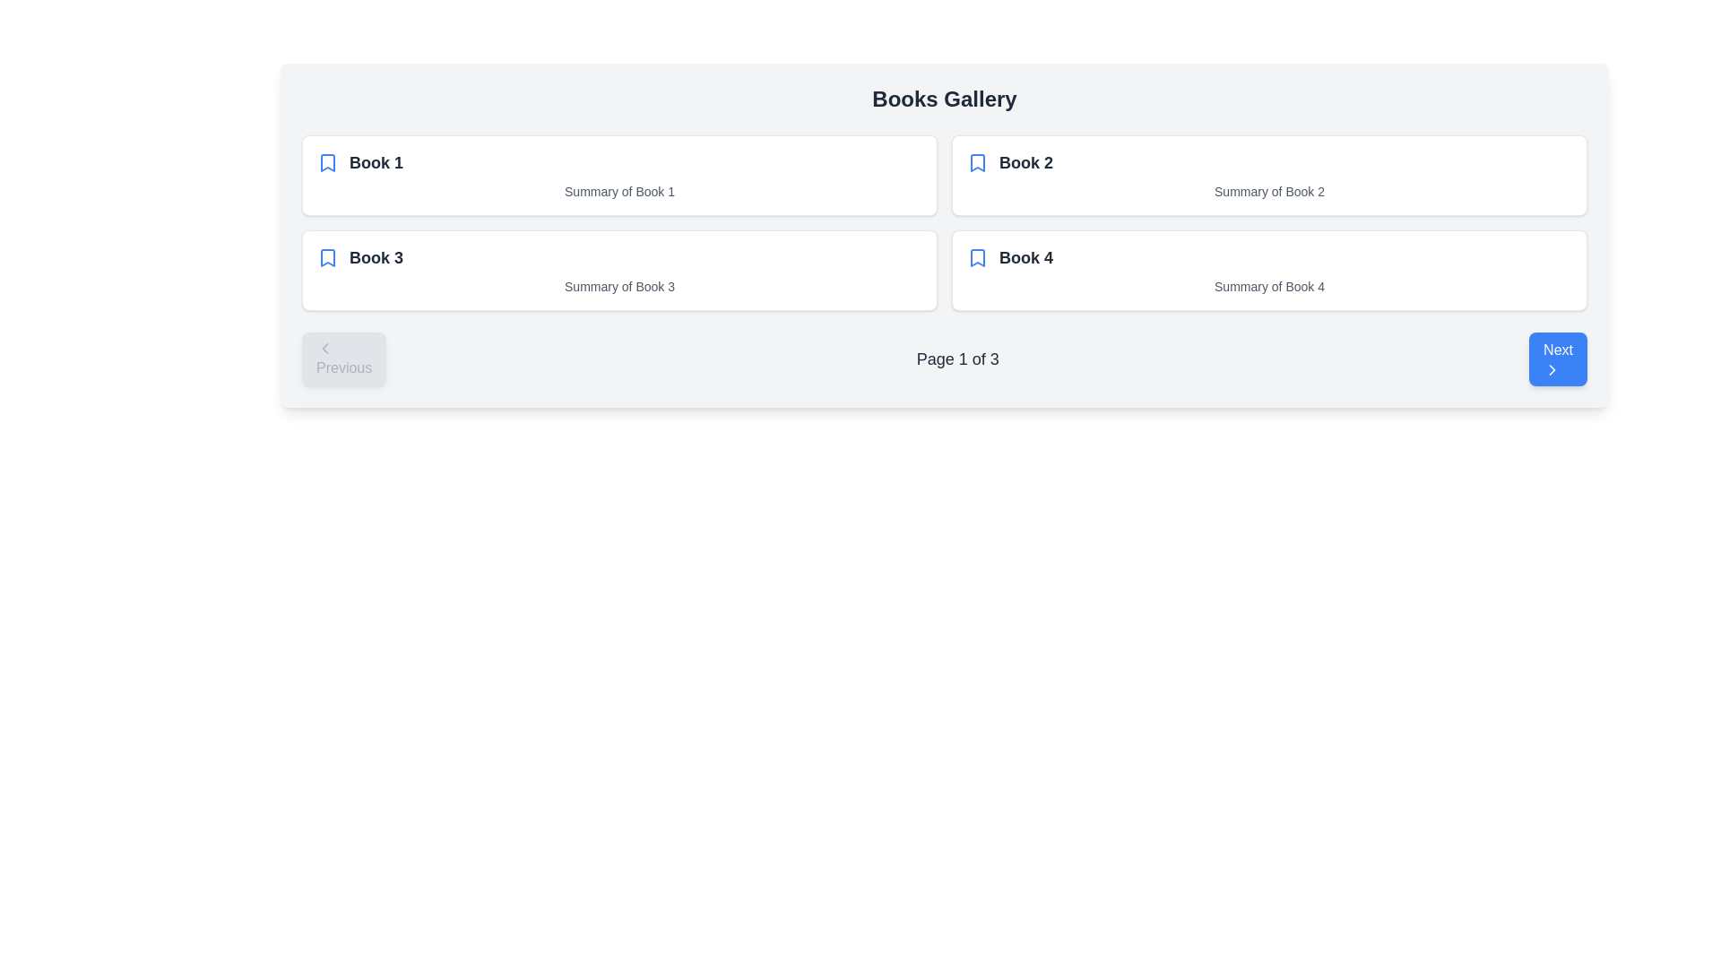  Describe the element at coordinates (327, 258) in the screenshot. I see `the bookmark icon located next to the text of 'Book 3' in the left column of the grid layout` at that location.